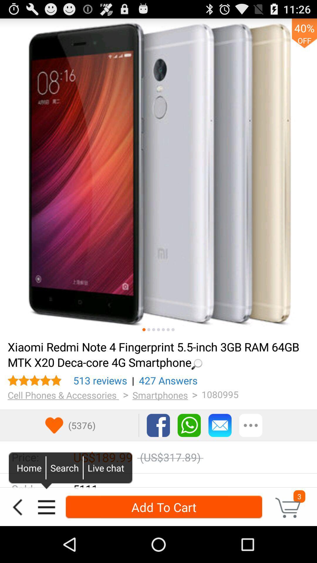 This screenshot has width=317, height=563. I want to click on add to cart button which is at the bottom of the page, so click(164, 507).